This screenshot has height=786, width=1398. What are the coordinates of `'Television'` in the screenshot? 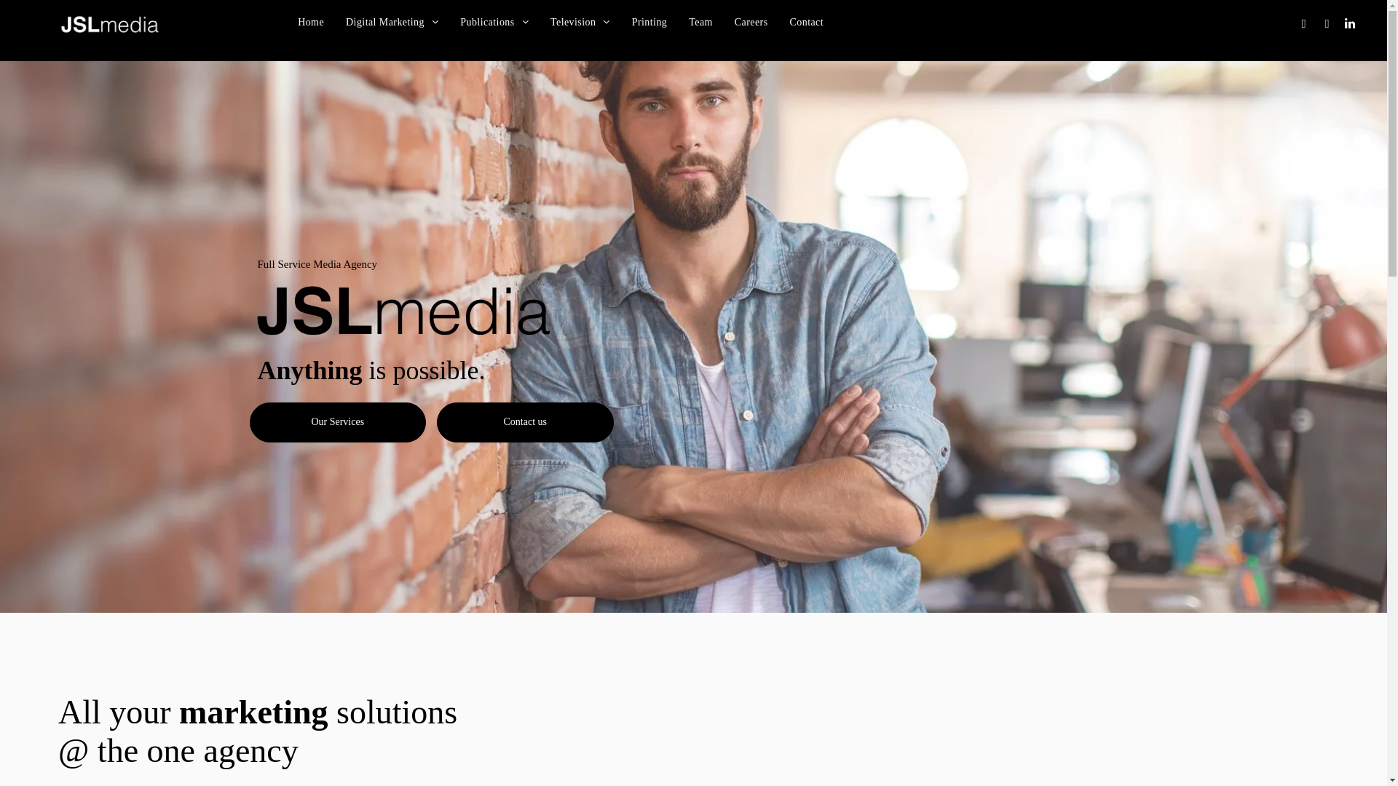 It's located at (579, 22).